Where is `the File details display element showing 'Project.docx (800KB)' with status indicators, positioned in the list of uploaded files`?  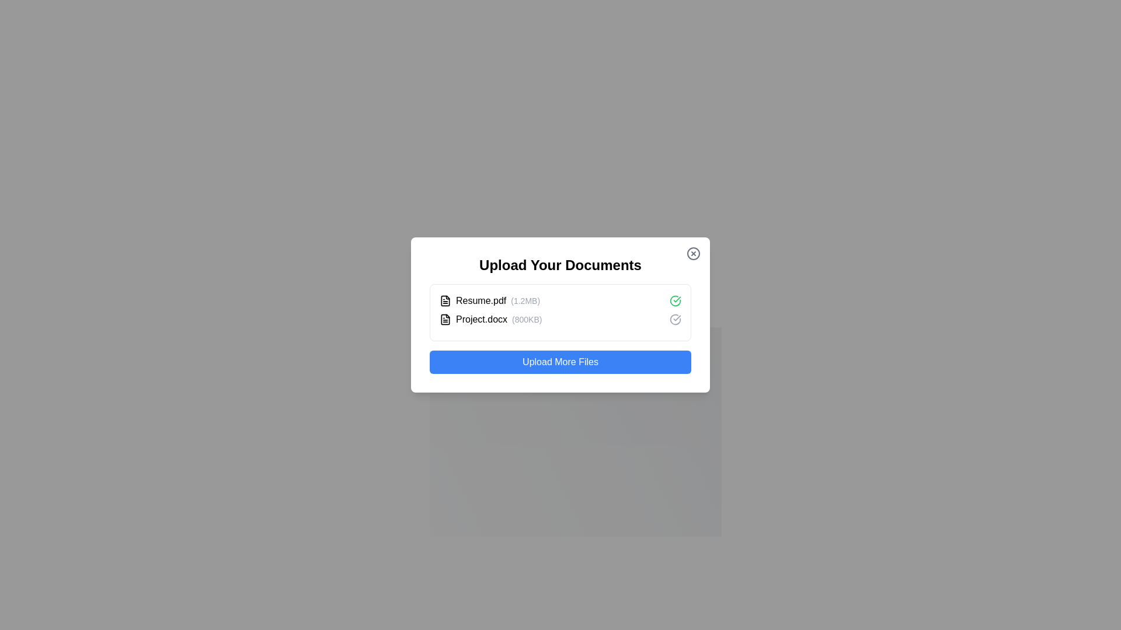
the File details display element showing 'Project.docx (800KB)' with status indicators, positioned in the list of uploaded files is located at coordinates (560, 319).